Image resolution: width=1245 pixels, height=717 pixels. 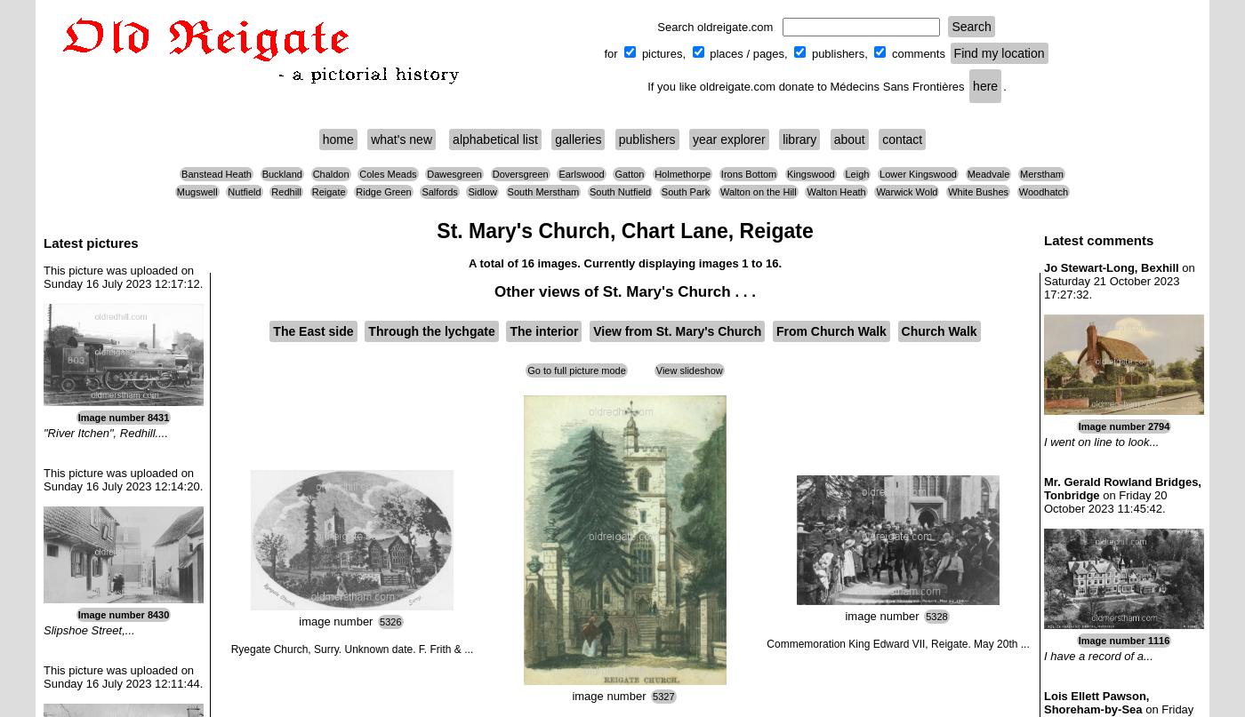 What do you see at coordinates (439, 192) in the screenshot?
I see `'Salfords'` at bounding box center [439, 192].